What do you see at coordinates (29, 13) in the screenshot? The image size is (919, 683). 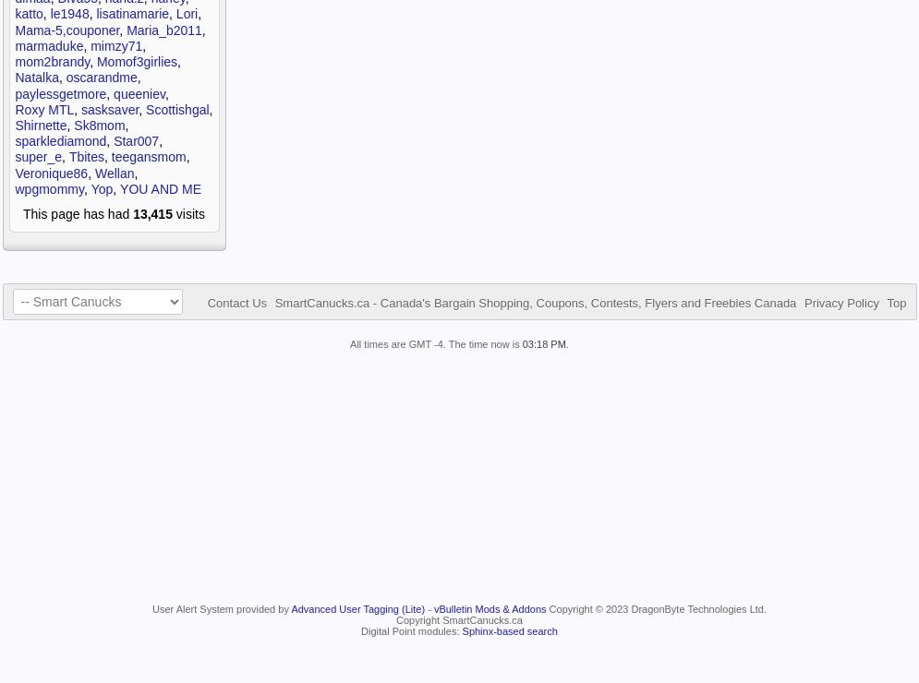 I see `'katto'` at bounding box center [29, 13].